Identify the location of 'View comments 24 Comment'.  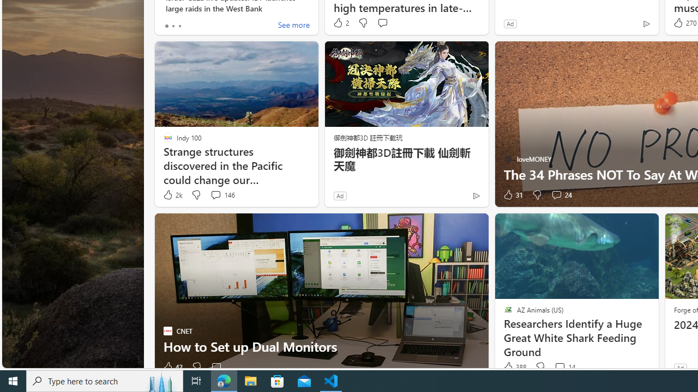
(561, 194).